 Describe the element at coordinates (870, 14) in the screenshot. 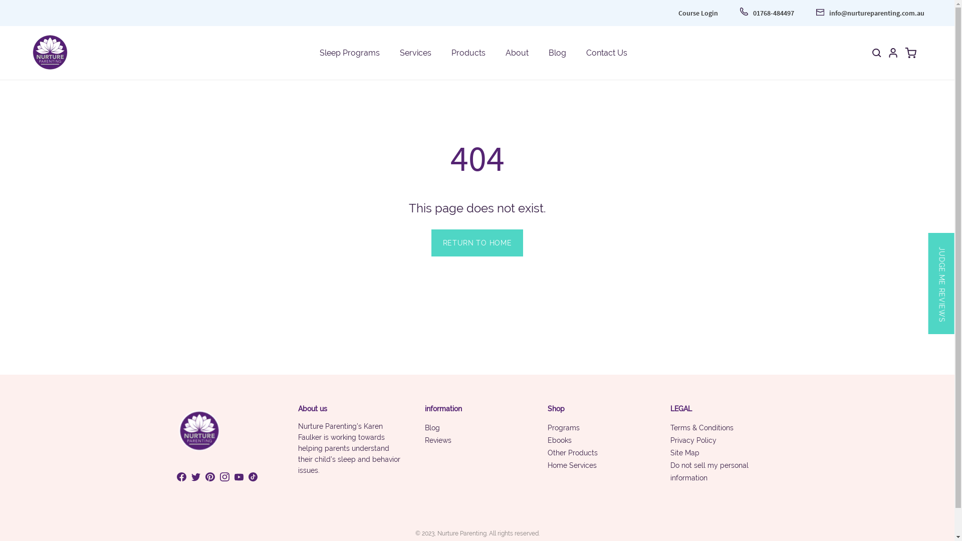

I see `'info@nurtureparenting.com.au'` at that location.